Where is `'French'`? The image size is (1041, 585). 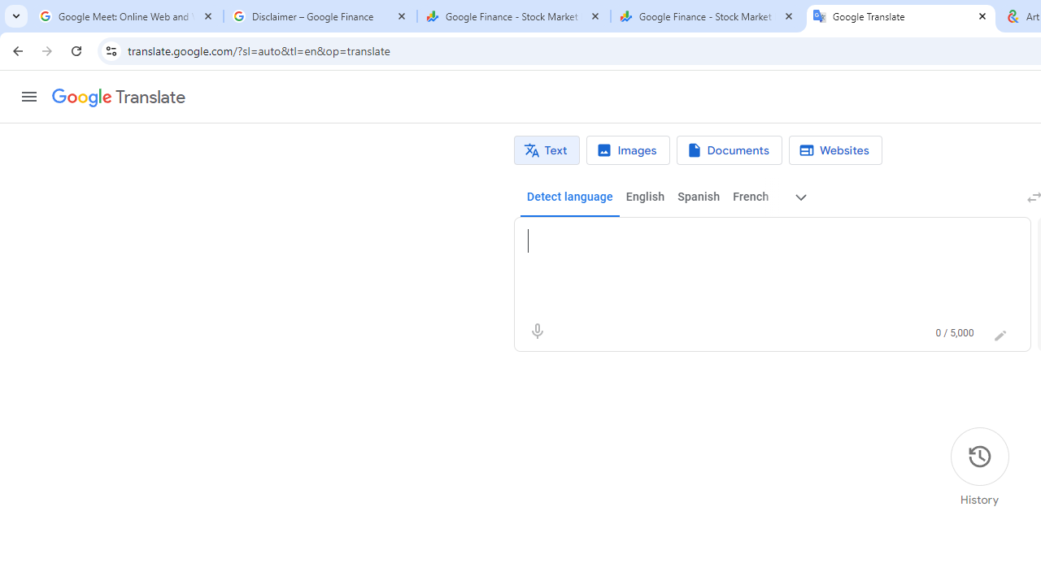 'French' is located at coordinates (749, 197).